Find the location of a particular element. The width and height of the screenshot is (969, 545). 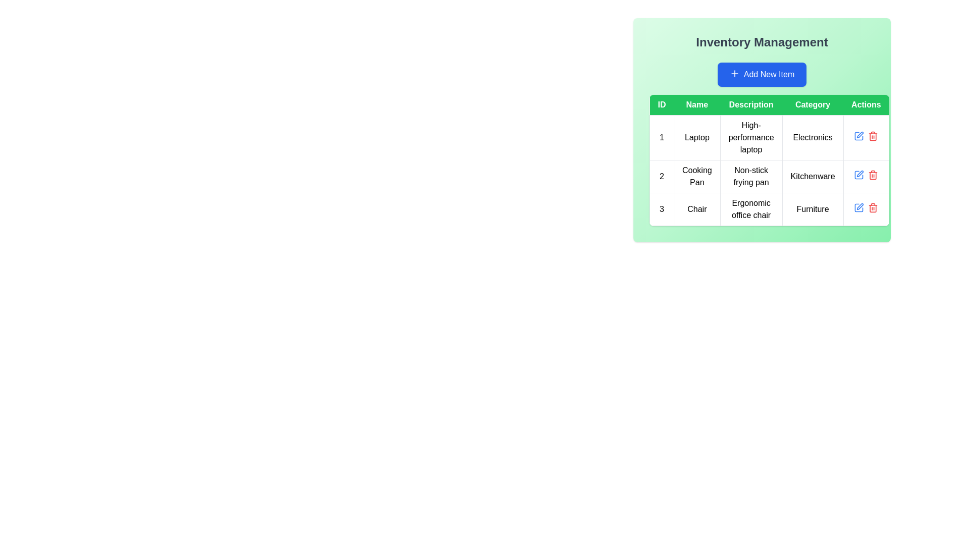

the Table Cell containing the number '2', which is styled with a border and padding, located in the second row of the table under the 'ID' column is located at coordinates (662, 176).